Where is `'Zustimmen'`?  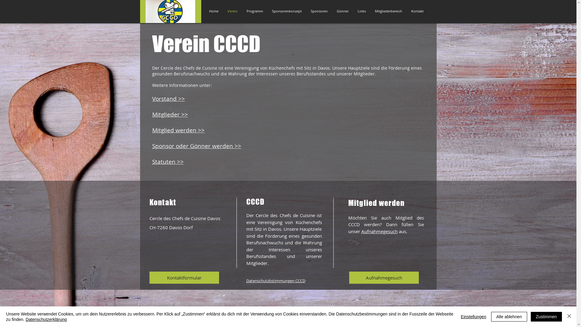
'Zustimmen' is located at coordinates (546, 316).